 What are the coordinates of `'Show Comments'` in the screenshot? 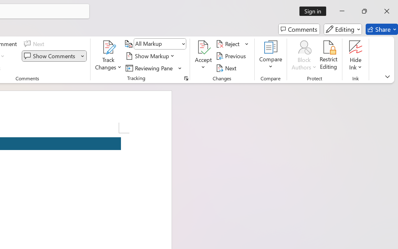 It's located at (54, 56).